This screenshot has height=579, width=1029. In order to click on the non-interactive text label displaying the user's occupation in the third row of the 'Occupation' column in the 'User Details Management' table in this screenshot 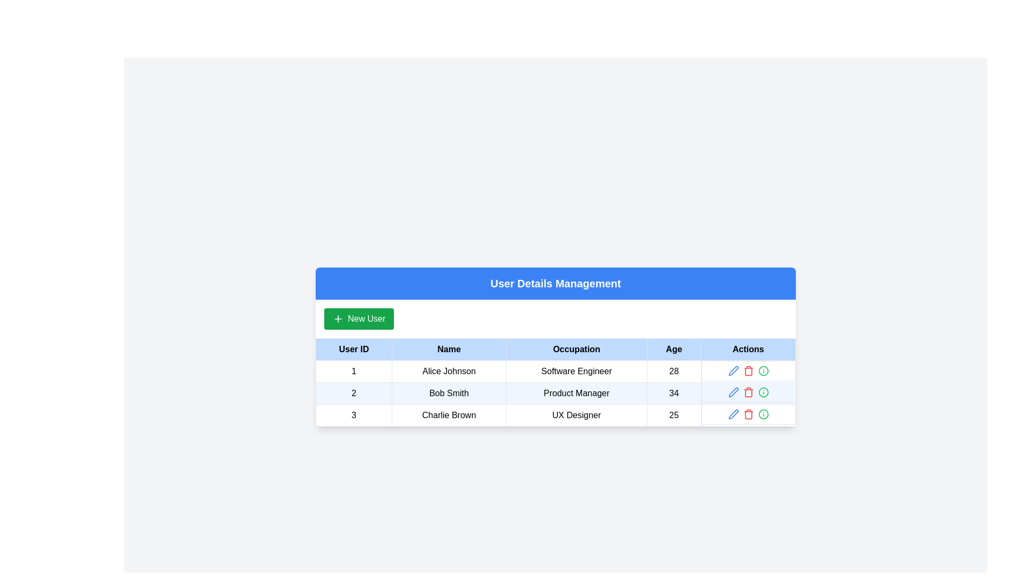, I will do `click(576, 414)`.